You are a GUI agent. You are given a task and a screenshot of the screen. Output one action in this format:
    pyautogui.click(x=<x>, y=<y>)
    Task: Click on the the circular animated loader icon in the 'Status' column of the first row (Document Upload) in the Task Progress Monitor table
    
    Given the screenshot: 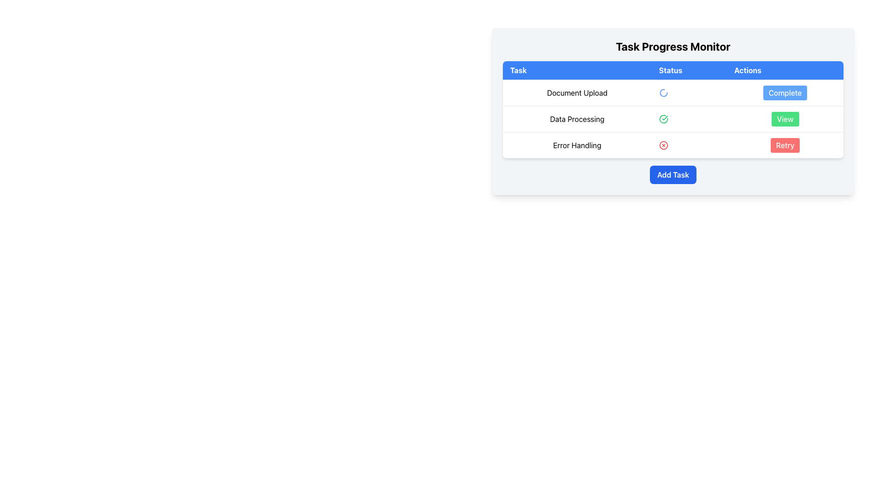 What is the action you would take?
    pyautogui.click(x=663, y=92)
    